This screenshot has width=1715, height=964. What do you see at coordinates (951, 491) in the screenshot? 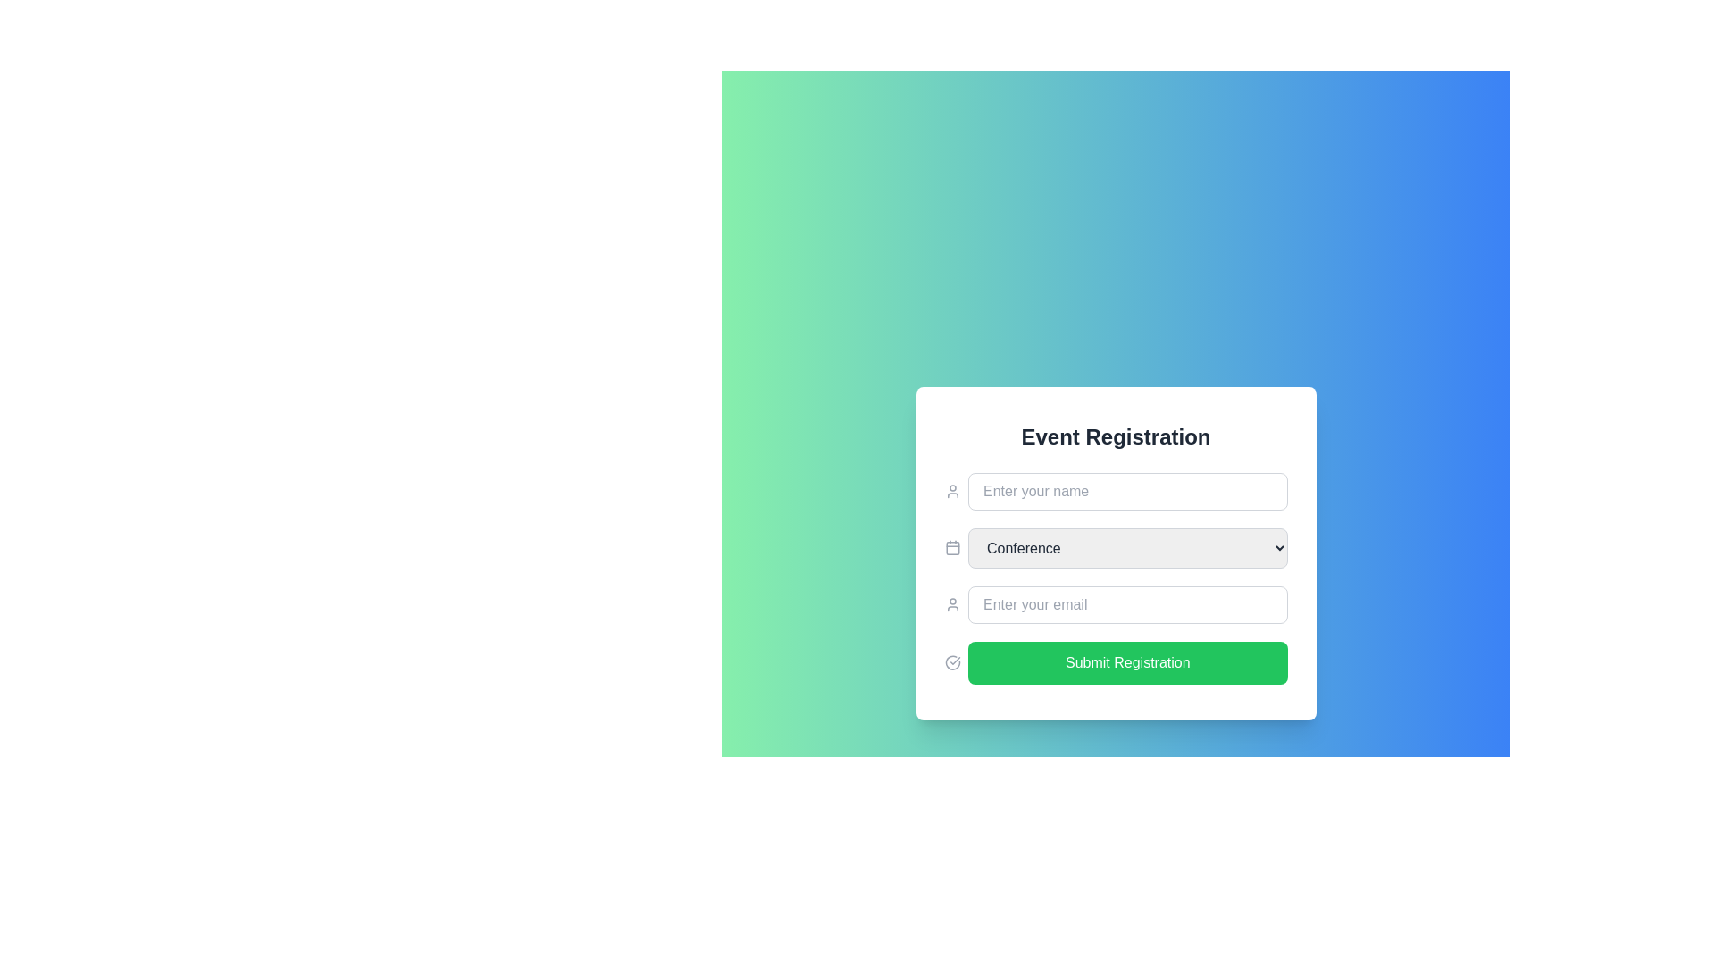
I see `the icon located on the left side of the text input box for entering a user's name, positioned between the 'Enter your name' placeholder and the form label` at bounding box center [951, 491].